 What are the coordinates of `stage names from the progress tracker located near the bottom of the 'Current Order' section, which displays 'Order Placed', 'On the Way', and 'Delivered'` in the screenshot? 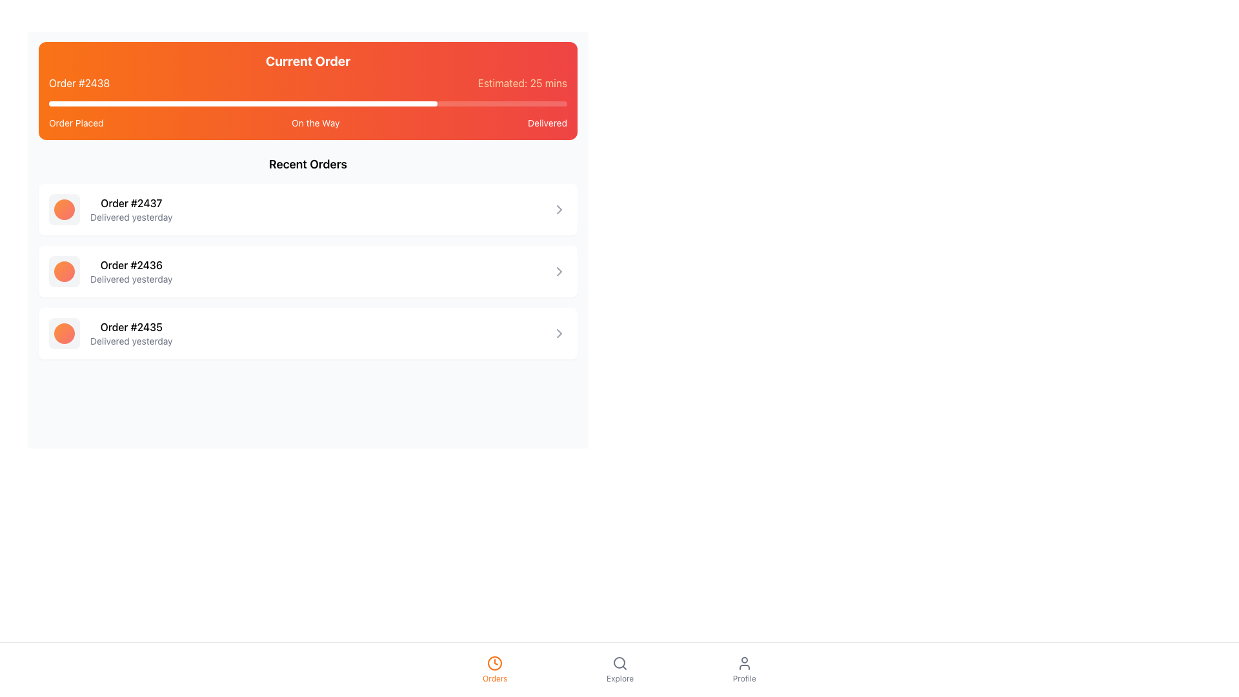 It's located at (307, 123).